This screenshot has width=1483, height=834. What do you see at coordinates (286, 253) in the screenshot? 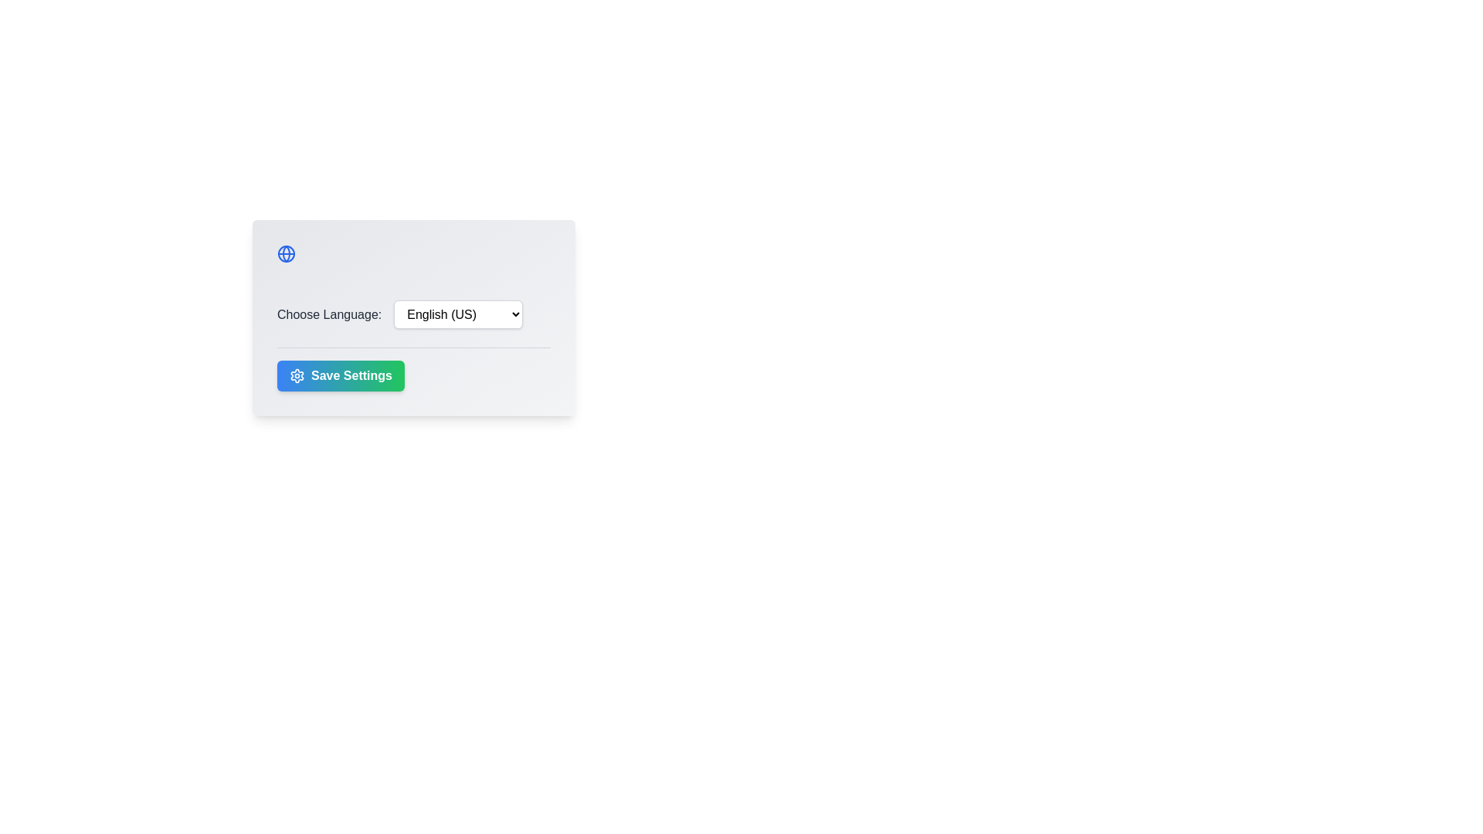
I see `the decorative SVG Circle that is part of the 'globe' icon in the top-left corner of the settings dialog, representing language or global settings` at bounding box center [286, 253].